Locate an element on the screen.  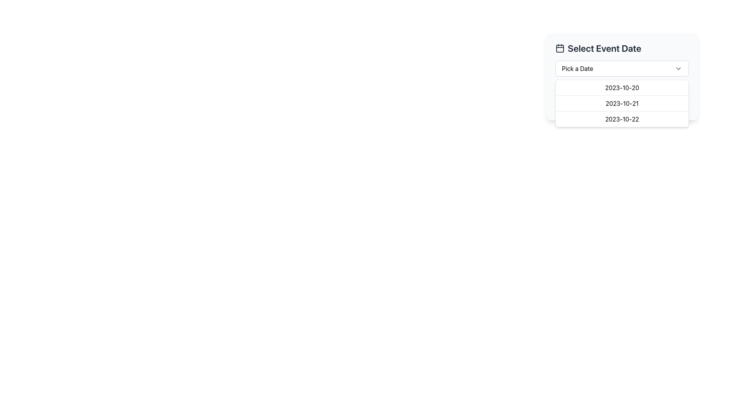
the dropdown list item displaying the date '2023-10-21' is located at coordinates (622, 103).